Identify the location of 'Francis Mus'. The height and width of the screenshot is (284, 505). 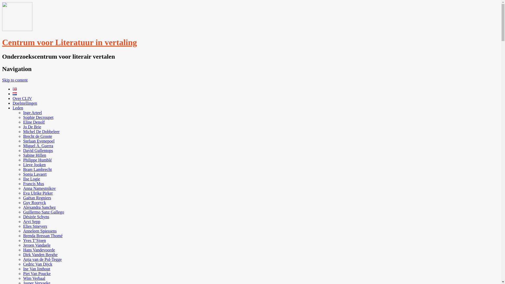
(33, 183).